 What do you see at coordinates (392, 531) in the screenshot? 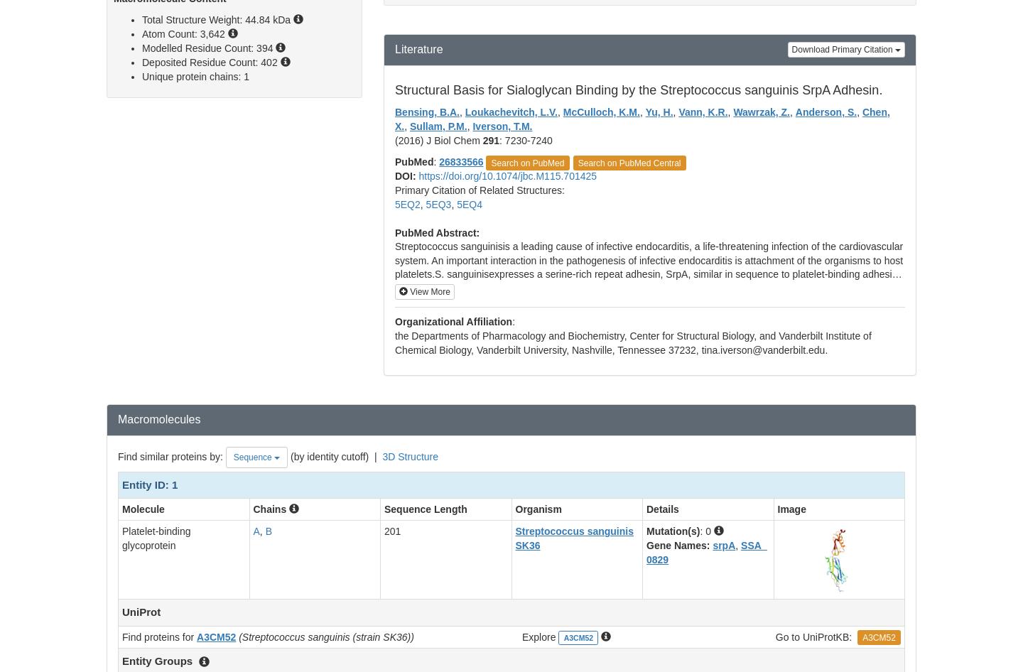
I see `'201'` at bounding box center [392, 531].